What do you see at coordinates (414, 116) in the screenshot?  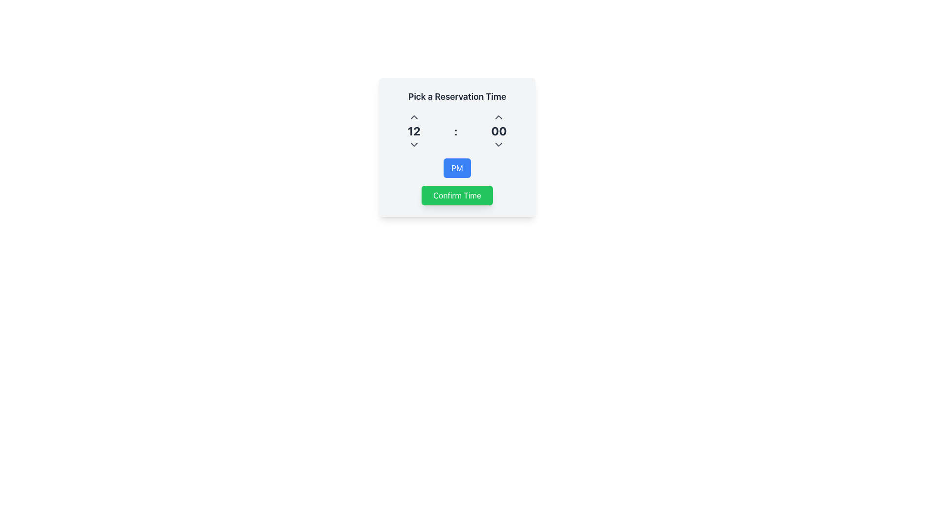 I see `the increment button located above the numeric display ('12') to increase the value` at bounding box center [414, 116].